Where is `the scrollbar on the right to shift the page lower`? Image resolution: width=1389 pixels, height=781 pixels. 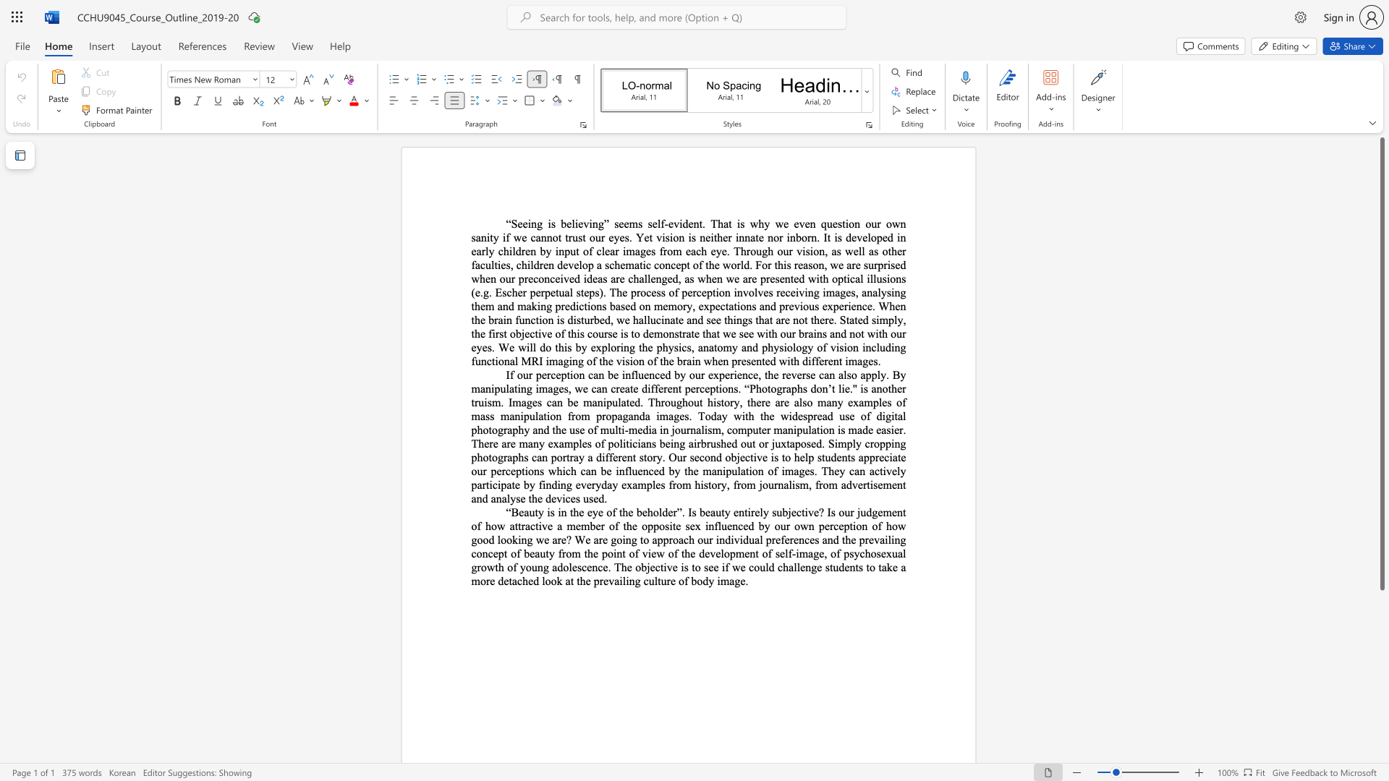
the scrollbar on the right to shift the page lower is located at coordinates (1381, 599).